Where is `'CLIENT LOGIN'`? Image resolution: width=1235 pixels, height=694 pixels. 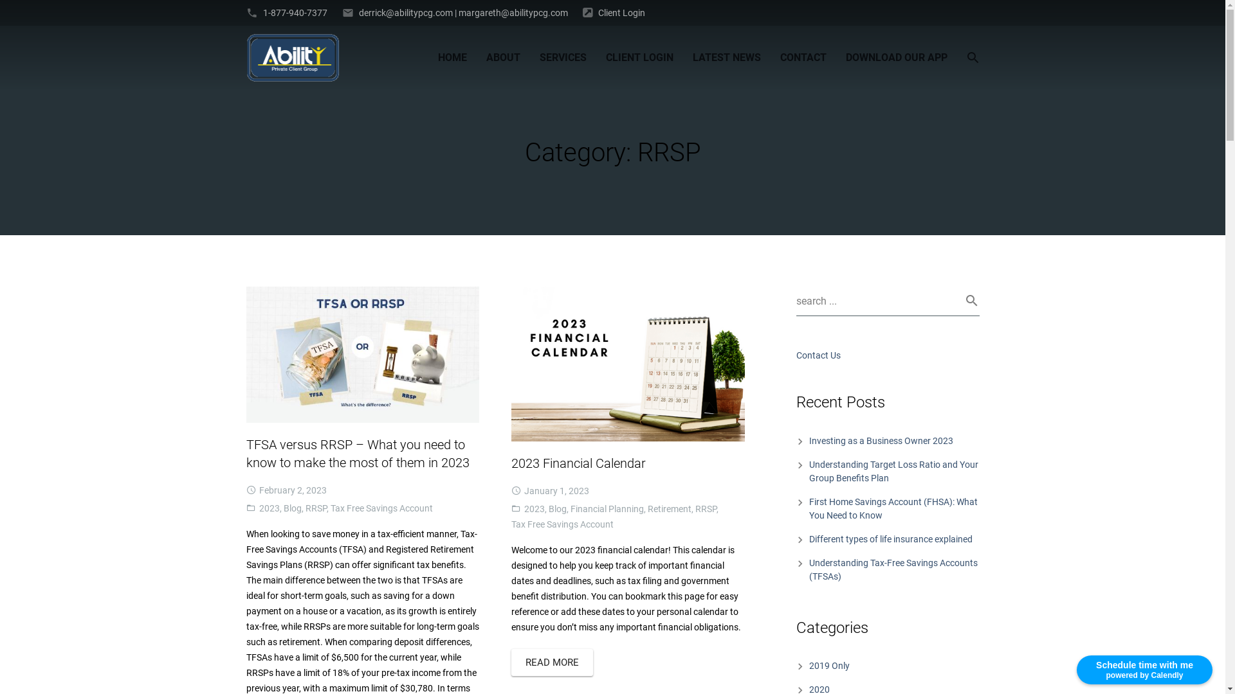 'CLIENT LOGIN' is located at coordinates (595, 57).